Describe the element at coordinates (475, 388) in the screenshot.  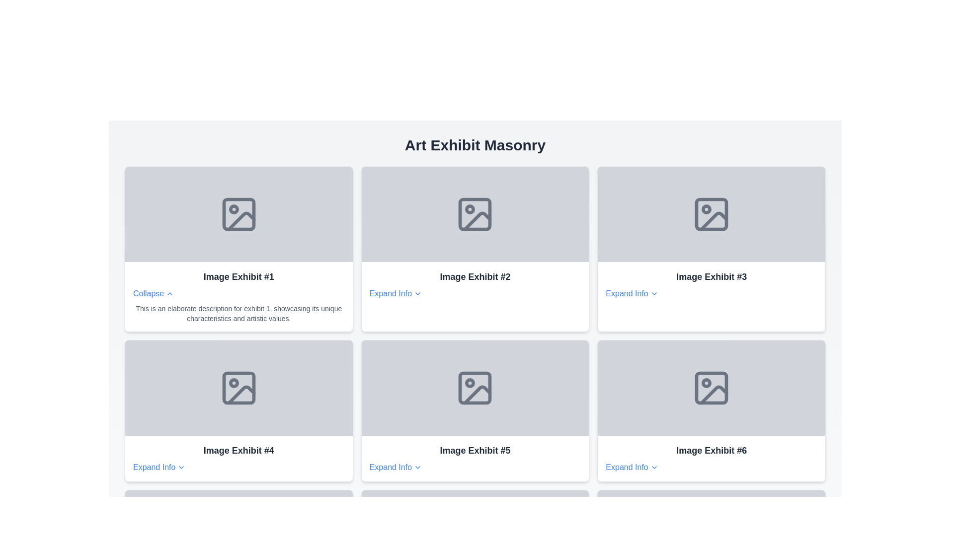
I see `the Placeholder area for an image representation within the card titled 'Image Exhibit #5', which features a light gray background and an icon representing an image file` at that location.